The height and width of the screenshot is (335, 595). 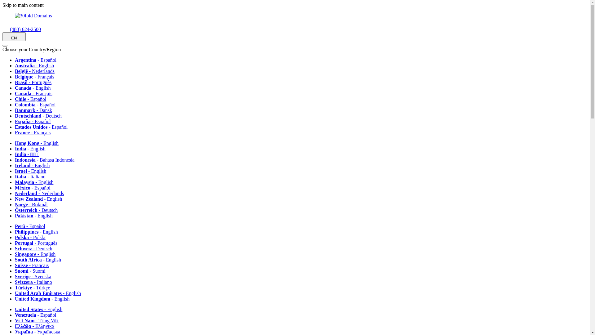 I want to click on 'Singapore - English', so click(x=37, y=254).